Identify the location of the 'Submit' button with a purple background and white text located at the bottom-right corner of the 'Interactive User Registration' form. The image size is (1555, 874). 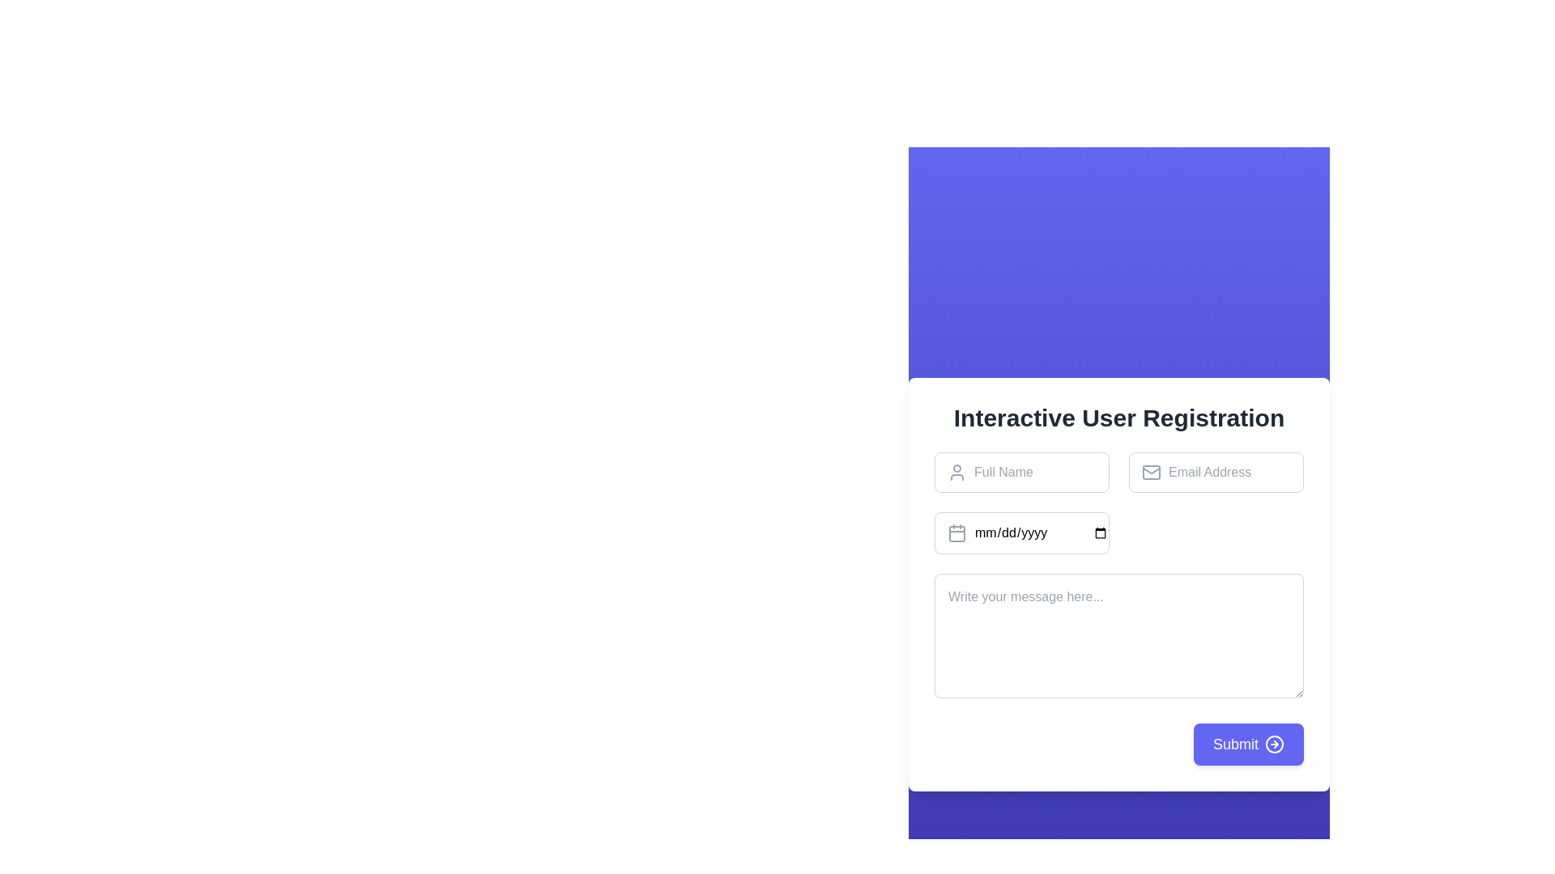
(1247, 744).